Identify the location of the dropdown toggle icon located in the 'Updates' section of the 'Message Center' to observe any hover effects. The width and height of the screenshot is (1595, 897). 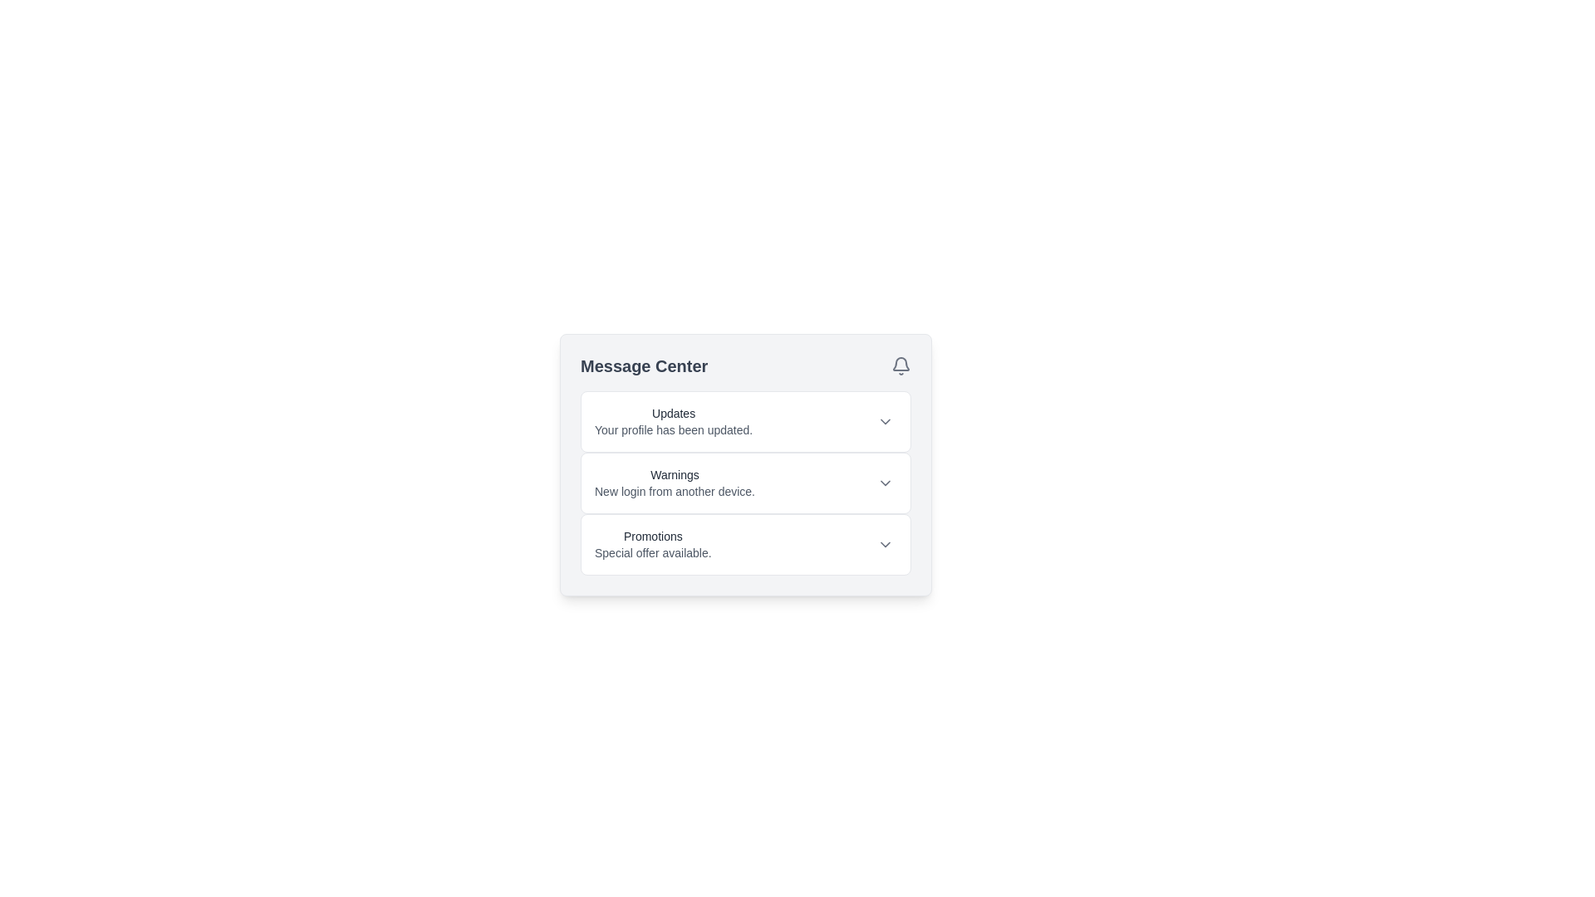
(884, 421).